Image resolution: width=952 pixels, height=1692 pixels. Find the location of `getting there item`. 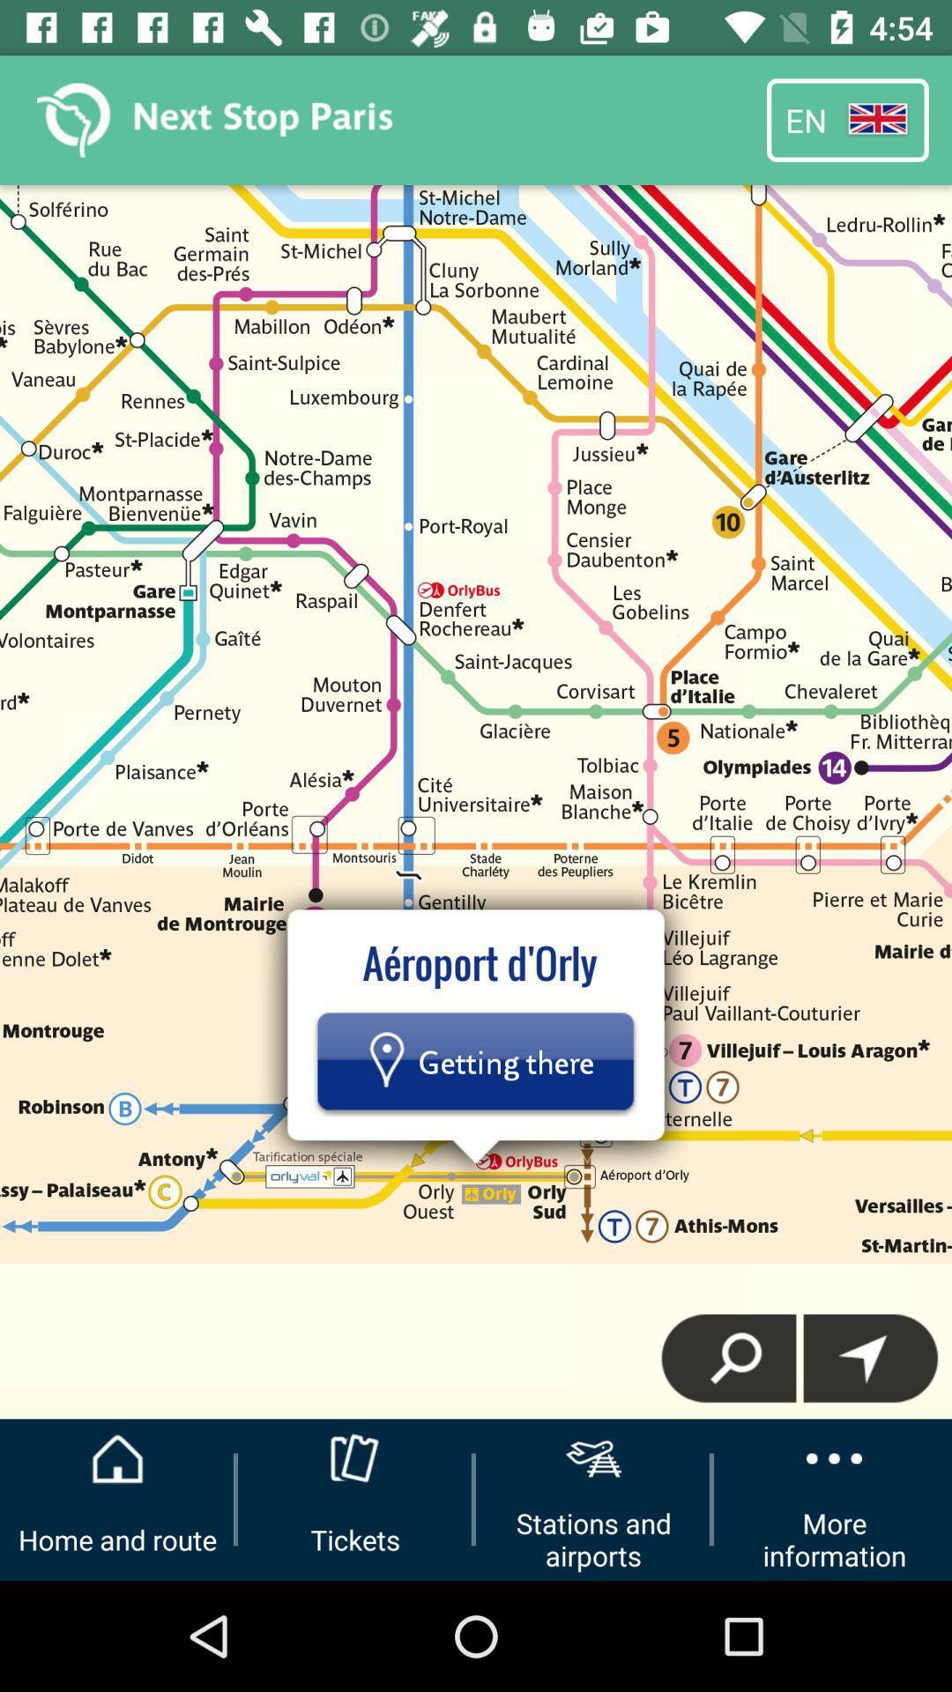

getting there item is located at coordinates (474, 1060).